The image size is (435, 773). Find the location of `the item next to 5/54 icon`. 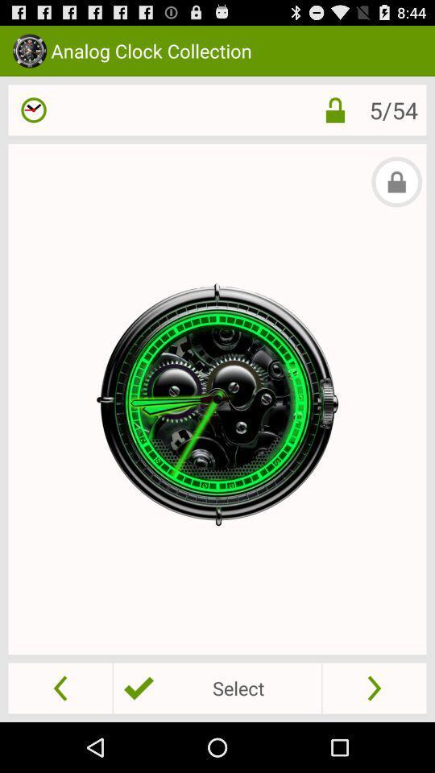

the item next to 5/54 icon is located at coordinates (334, 109).